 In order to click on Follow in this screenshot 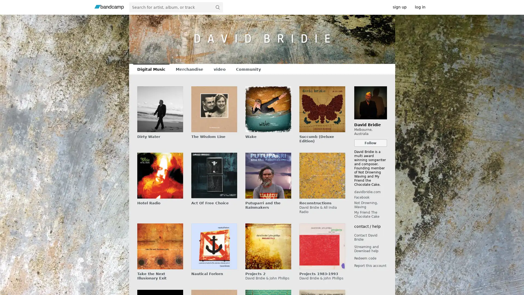, I will do `click(370, 143)`.